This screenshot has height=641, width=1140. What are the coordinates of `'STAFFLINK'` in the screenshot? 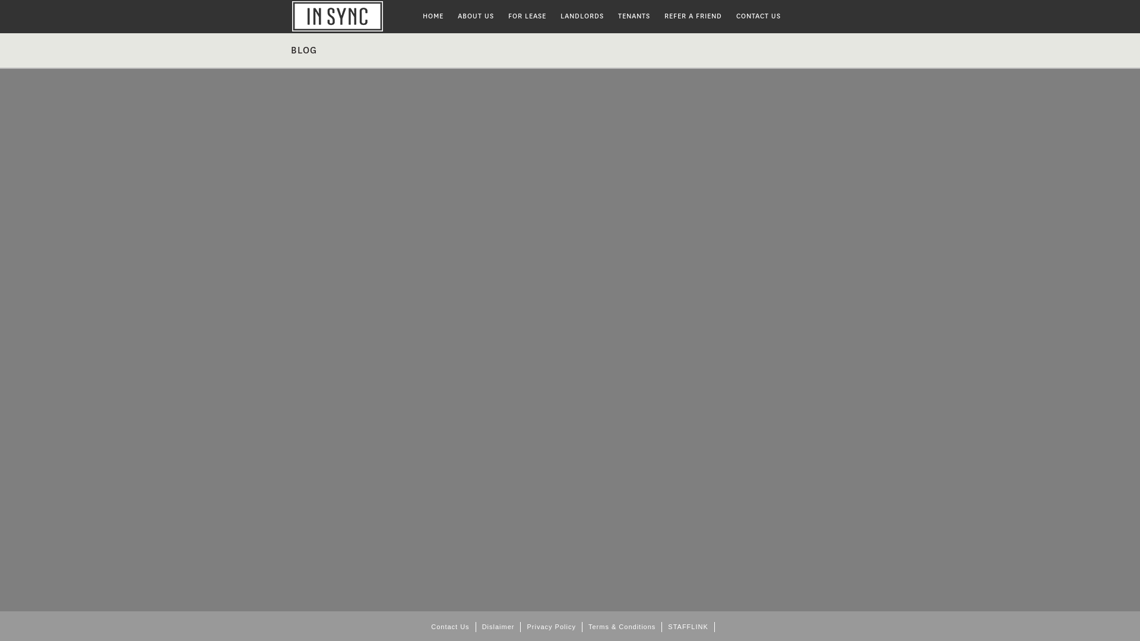 It's located at (688, 626).